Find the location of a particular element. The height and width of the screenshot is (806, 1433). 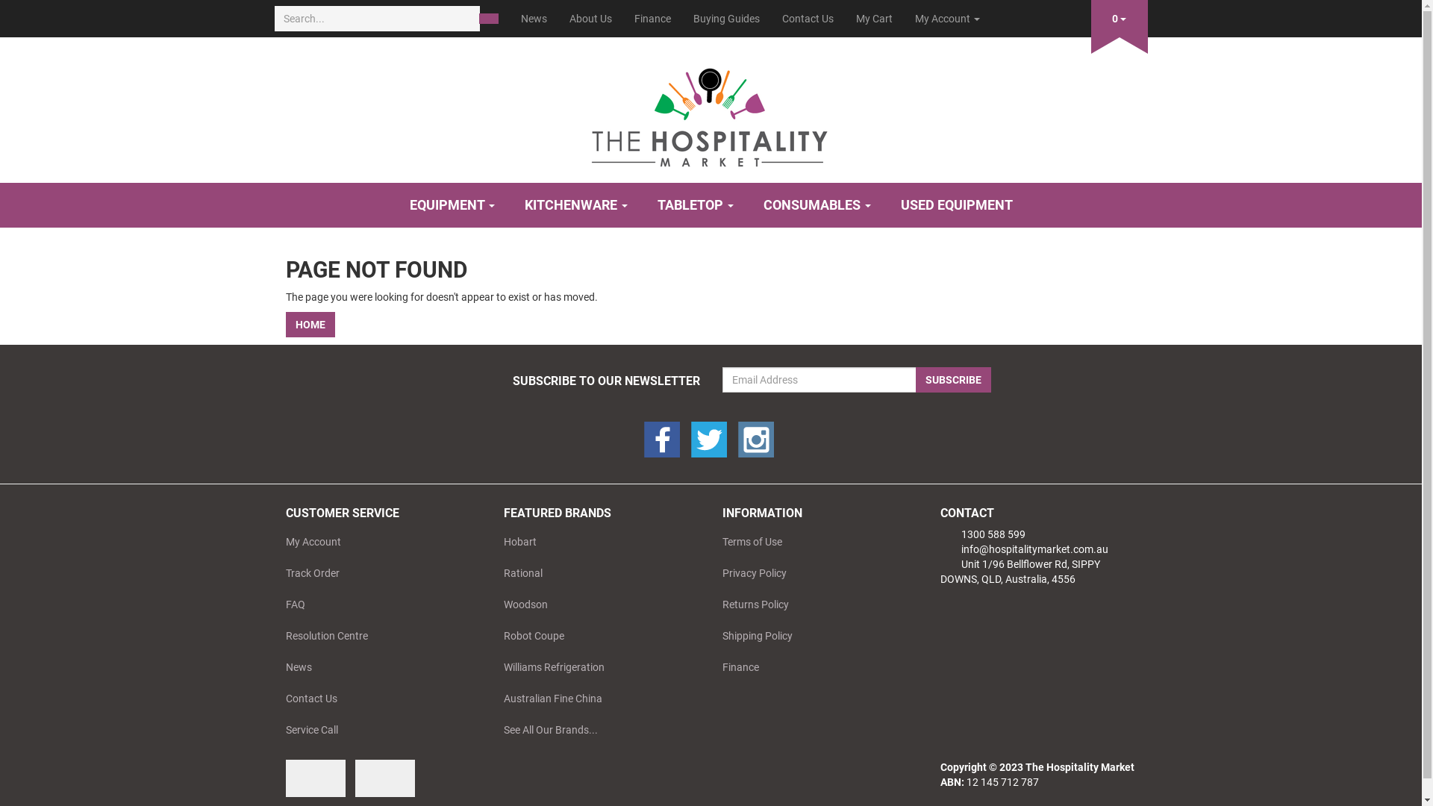

'CONSUMABLES' is located at coordinates (816, 204).